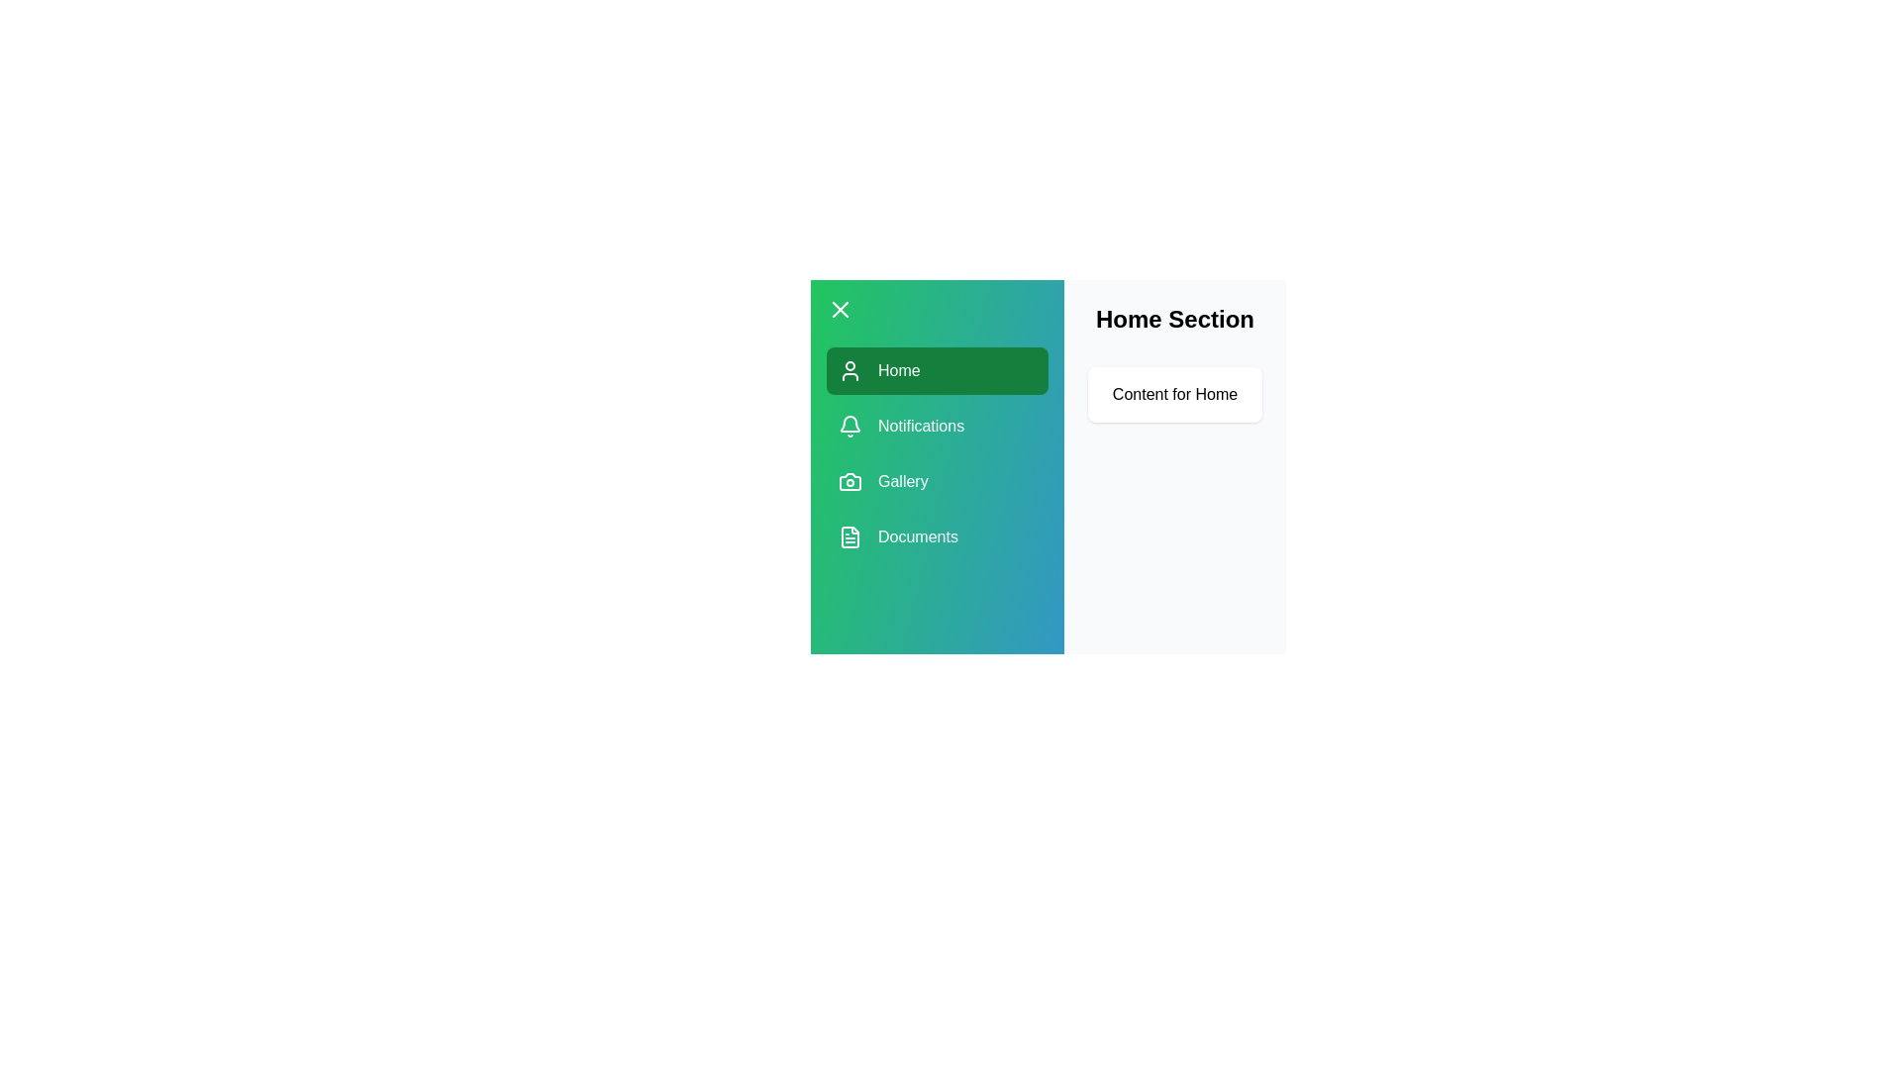 The image size is (1901, 1069). Describe the element at coordinates (936, 481) in the screenshot. I see `the tab Gallery from the drawer` at that location.